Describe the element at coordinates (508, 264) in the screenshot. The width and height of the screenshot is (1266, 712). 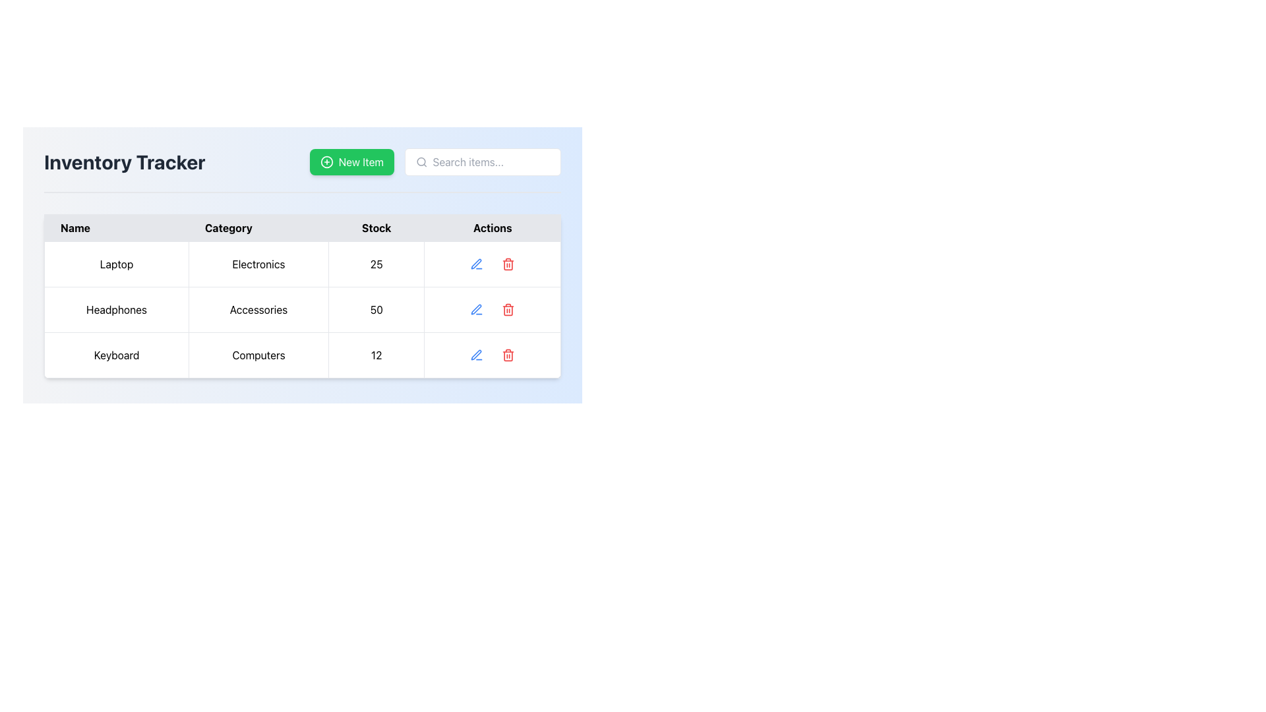
I see `the delete action button located in the 'Actions' column of the table, aligned with the first row corresponding to the entry labeled 'Laptop'. This button is the rightmost element in the row, following the blue pencil edit icon` at that location.